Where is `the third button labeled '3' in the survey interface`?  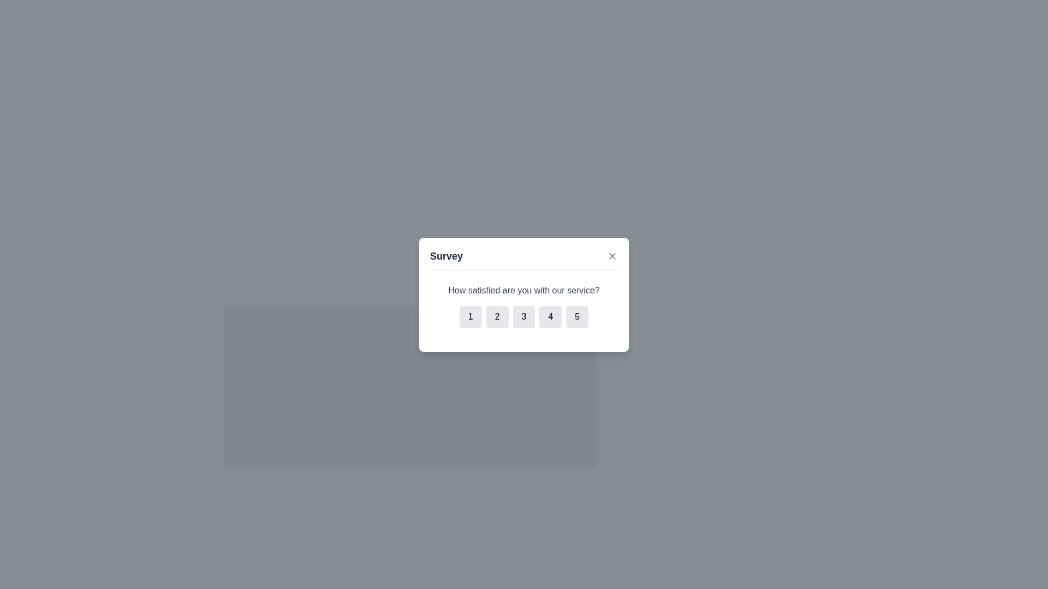
the third button labeled '3' in the survey interface is located at coordinates (524, 316).